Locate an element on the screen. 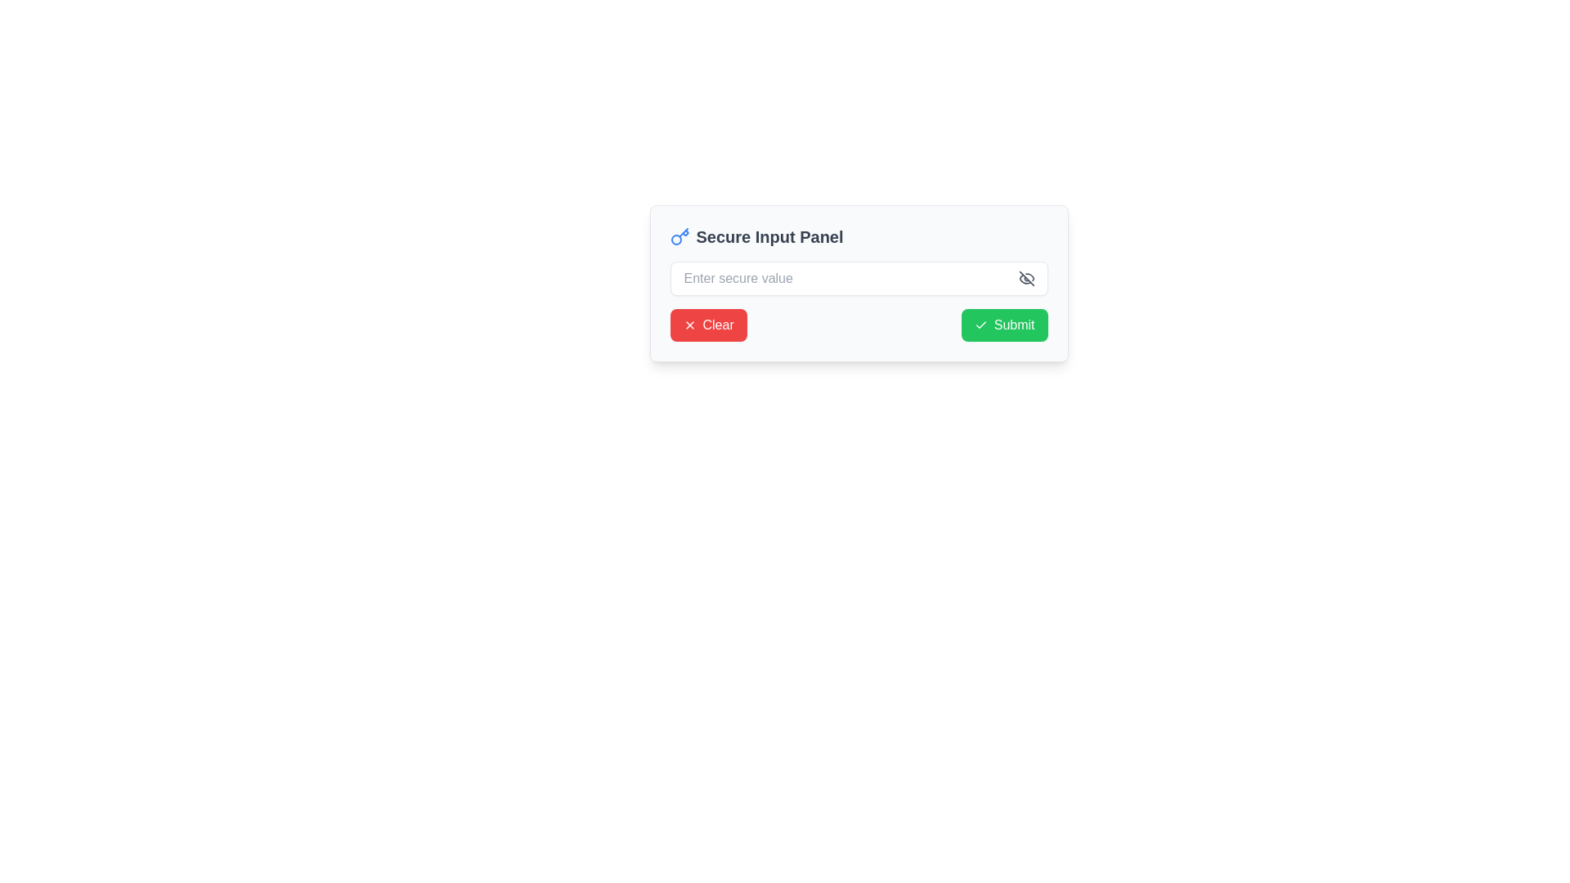  the 'X' icon located on the left side of the 'Clear' button within the 'Secure Input Panel' interface is located at coordinates (689, 325).